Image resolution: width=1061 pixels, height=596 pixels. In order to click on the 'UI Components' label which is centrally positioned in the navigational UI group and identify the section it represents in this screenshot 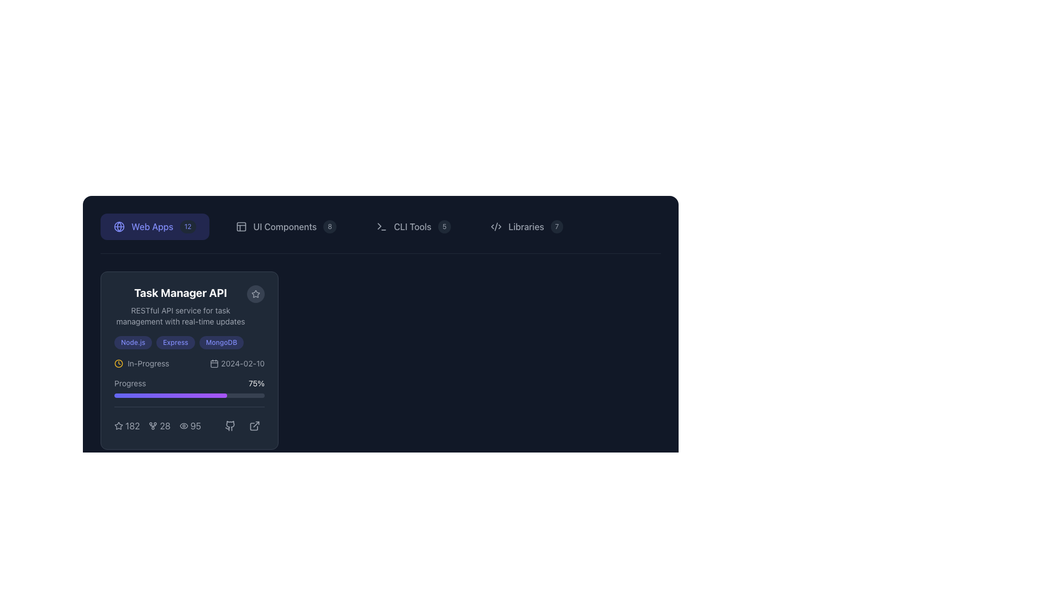, I will do `click(285, 226)`.